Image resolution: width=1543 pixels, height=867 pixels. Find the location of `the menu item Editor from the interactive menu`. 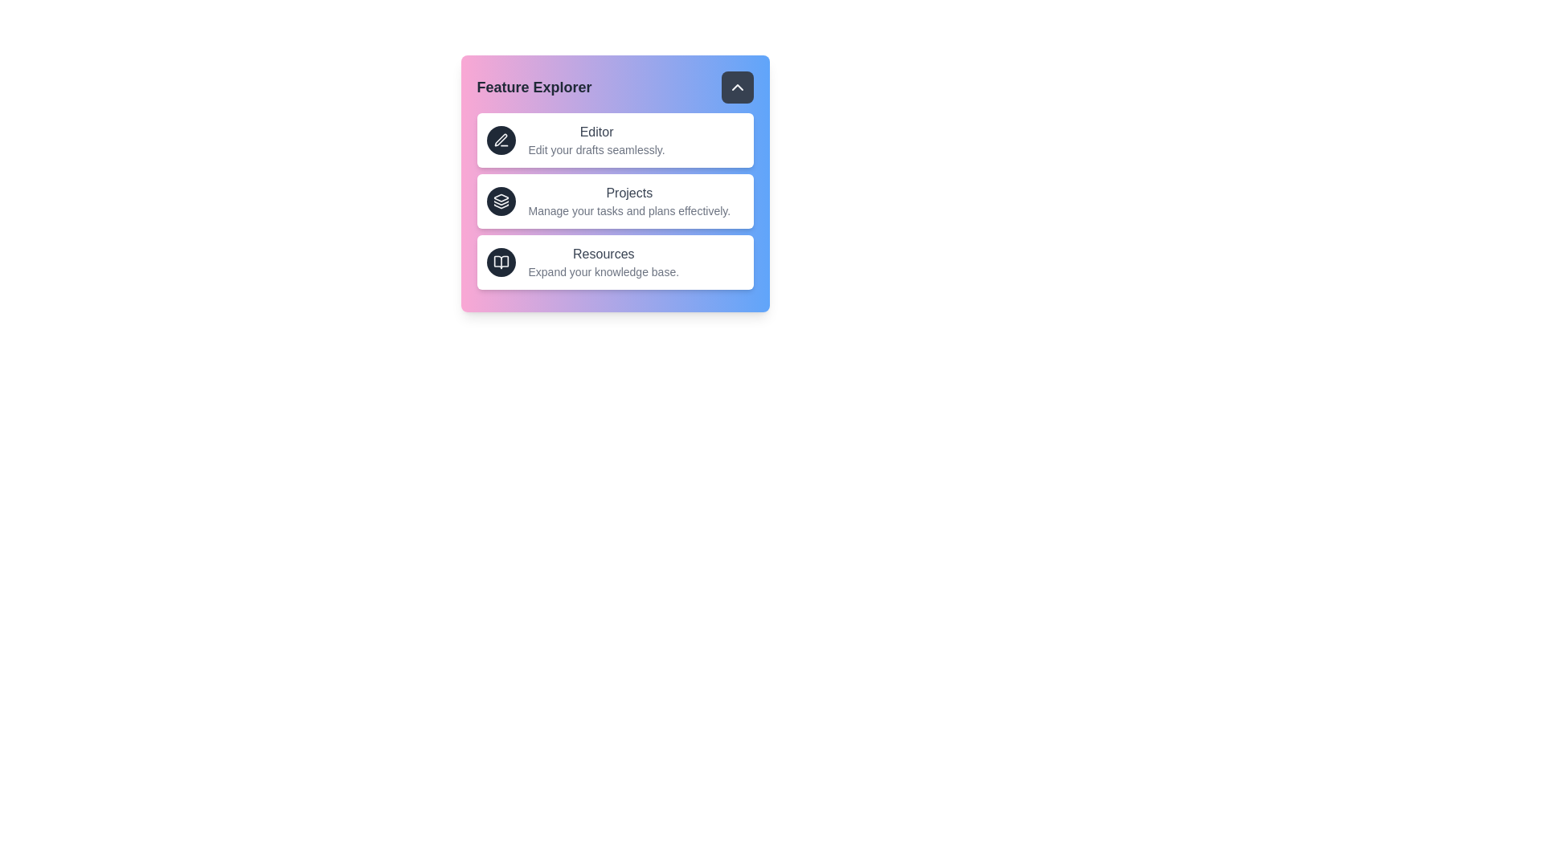

the menu item Editor from the interactive menu is located at coordinates (614, 139).